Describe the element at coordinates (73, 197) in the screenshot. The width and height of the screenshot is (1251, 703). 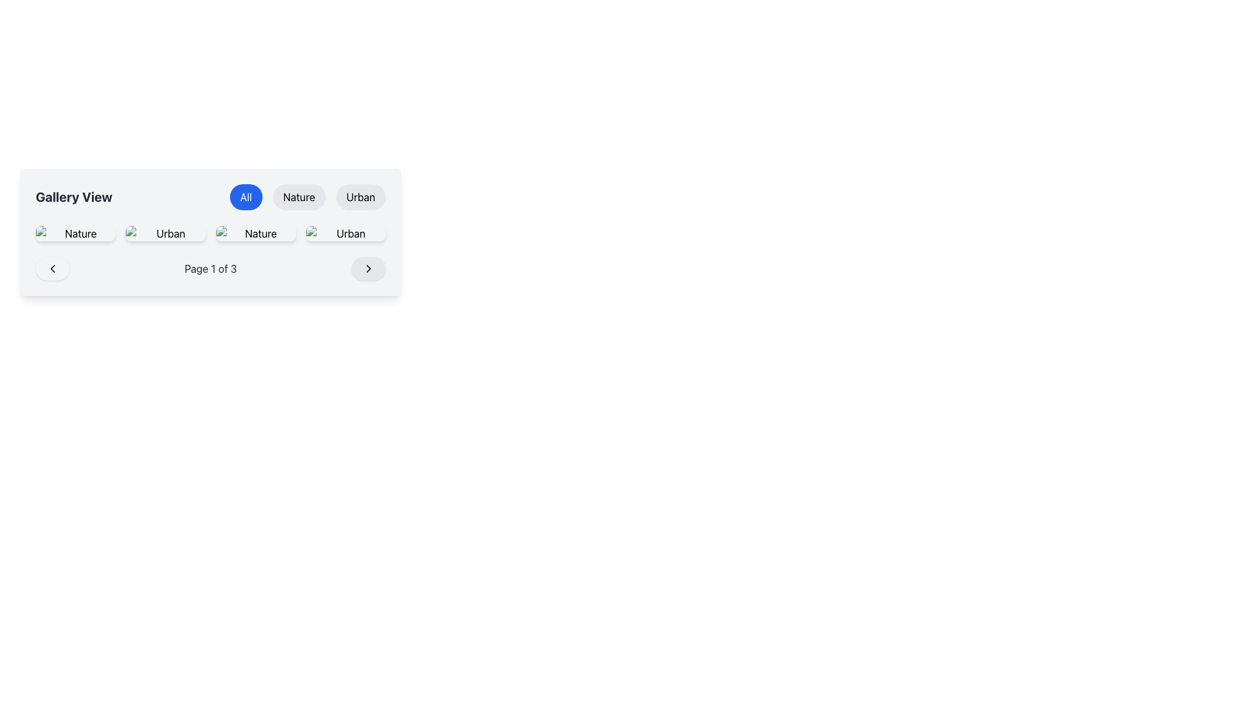
I see `the Text Label that serves as a title or header in the upper left corner of the interface` at that location.